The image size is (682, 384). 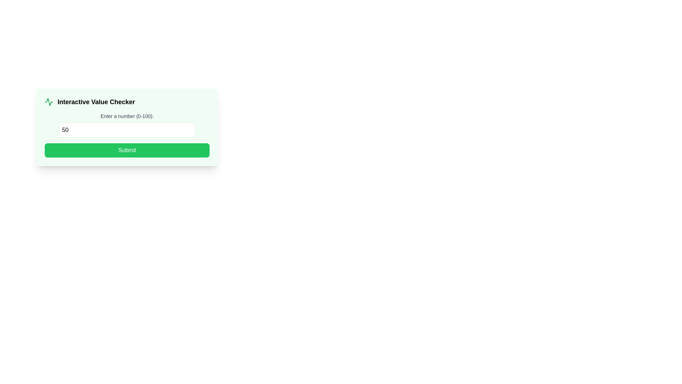 I want to click on the graphic icon located at the top-left corner of the card, which is positioned to the left of the text 'Interactive Value Checker', so click(x=49, y=102).